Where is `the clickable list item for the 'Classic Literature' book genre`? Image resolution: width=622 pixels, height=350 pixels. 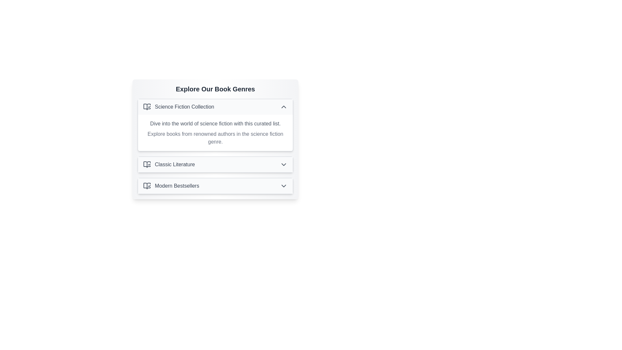
the clickable list item for the 'Classic Literature' book genre is located at coordinates (169, 164).